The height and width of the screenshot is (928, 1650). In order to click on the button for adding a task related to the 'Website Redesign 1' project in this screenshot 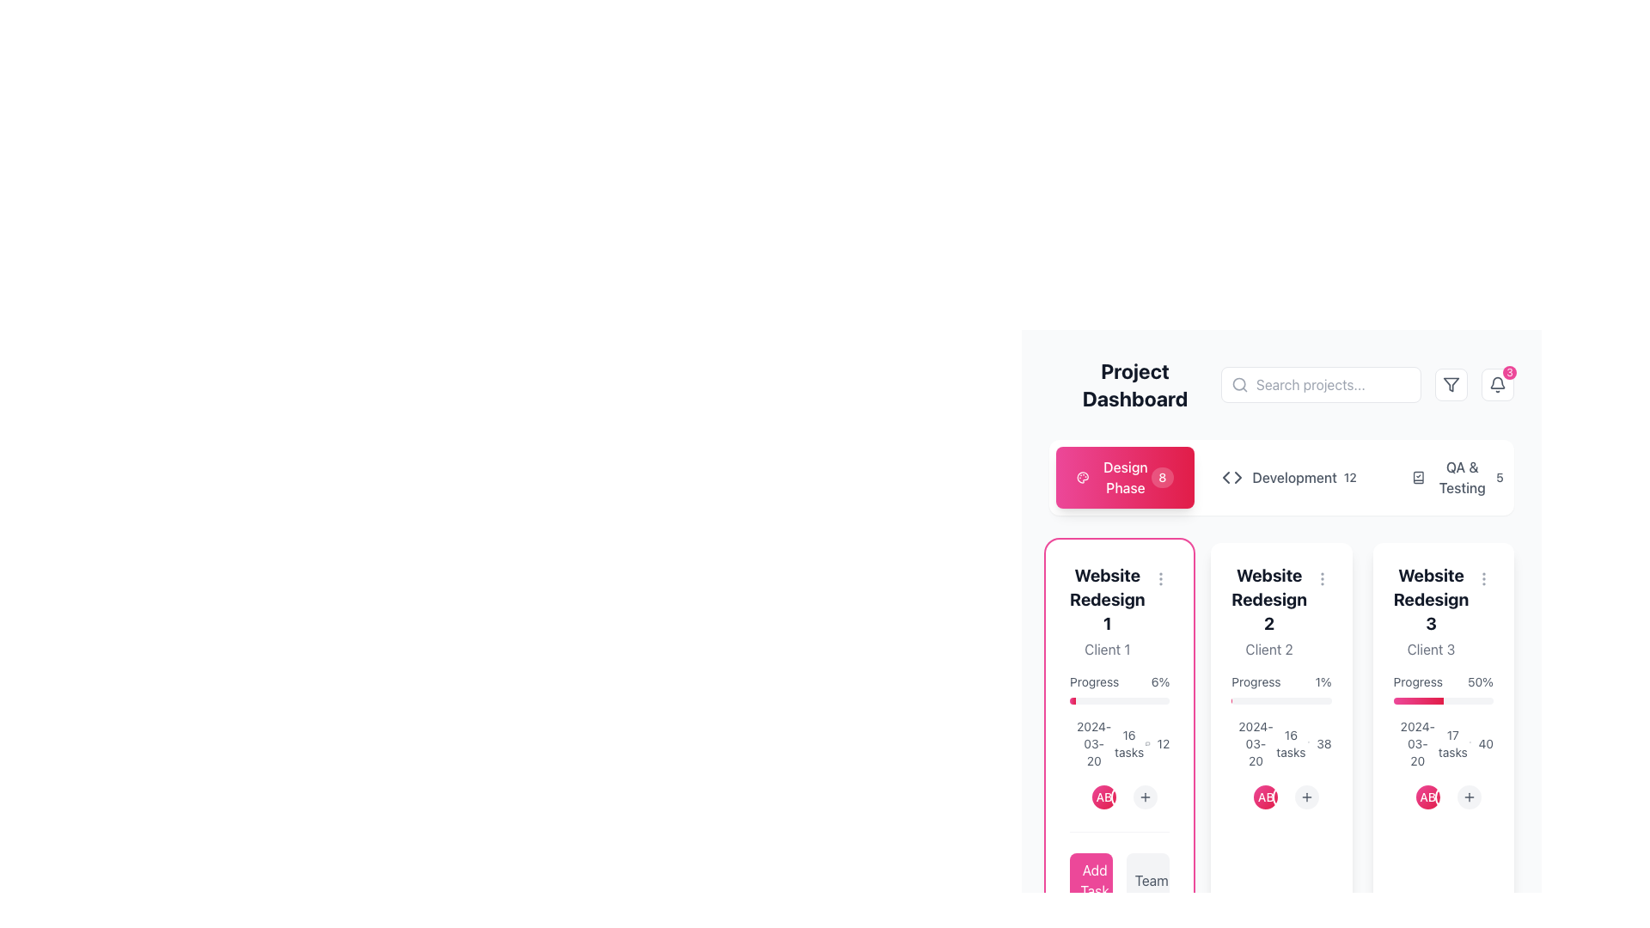, I will do `click(1091, 881)`.